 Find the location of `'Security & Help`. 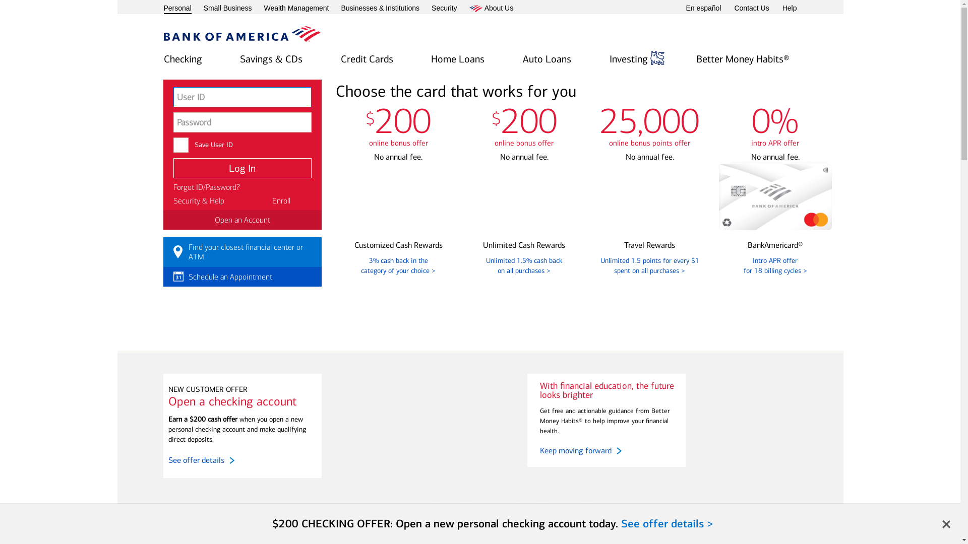

'Security & Help is located at coordinates (199, 200).